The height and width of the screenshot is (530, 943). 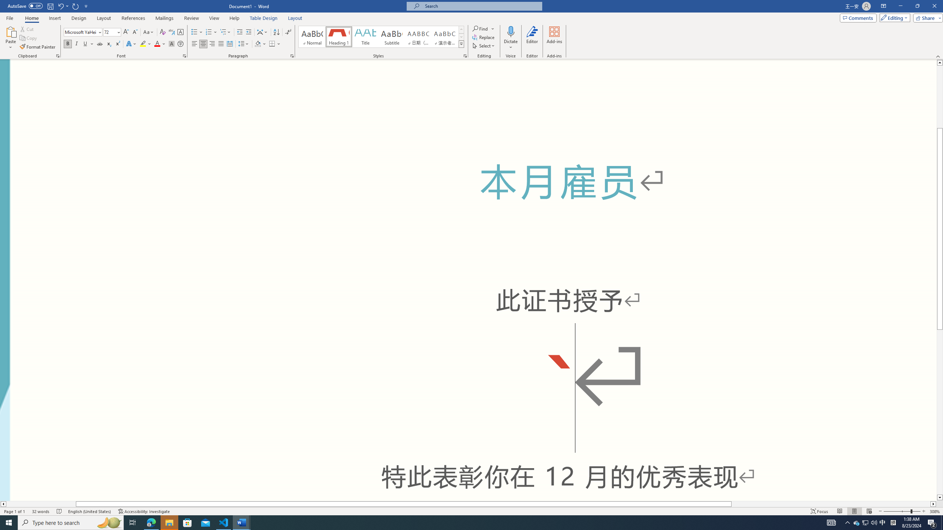 What do you see at coordinates (468, 280) in the screenshot?
I see `'Page 1 content'` at bounding box center [468, 280].